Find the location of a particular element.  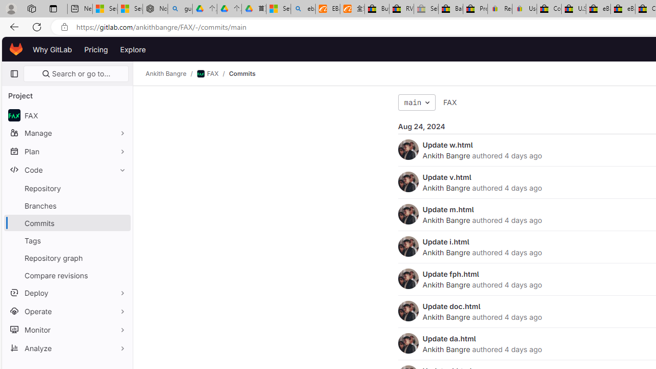

'Consumer Health Data Privacy Policy - eBay Inc.' is located at coordinates (548, 9).